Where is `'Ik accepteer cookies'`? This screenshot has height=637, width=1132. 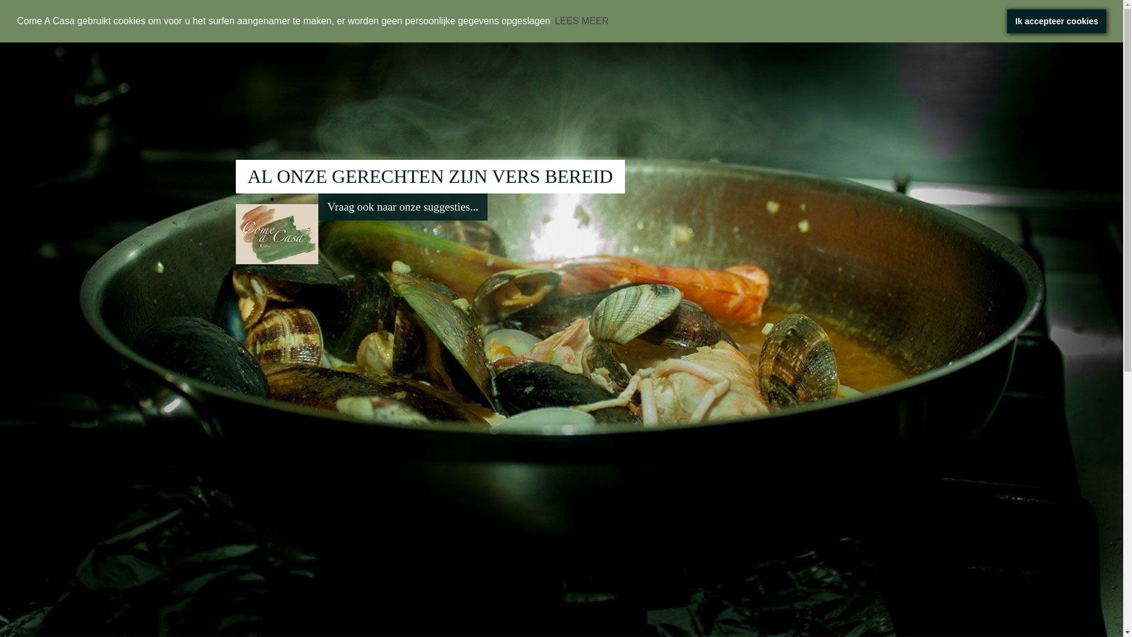 'Ik accepteer cookies' is located at coordinates (1006, 21).